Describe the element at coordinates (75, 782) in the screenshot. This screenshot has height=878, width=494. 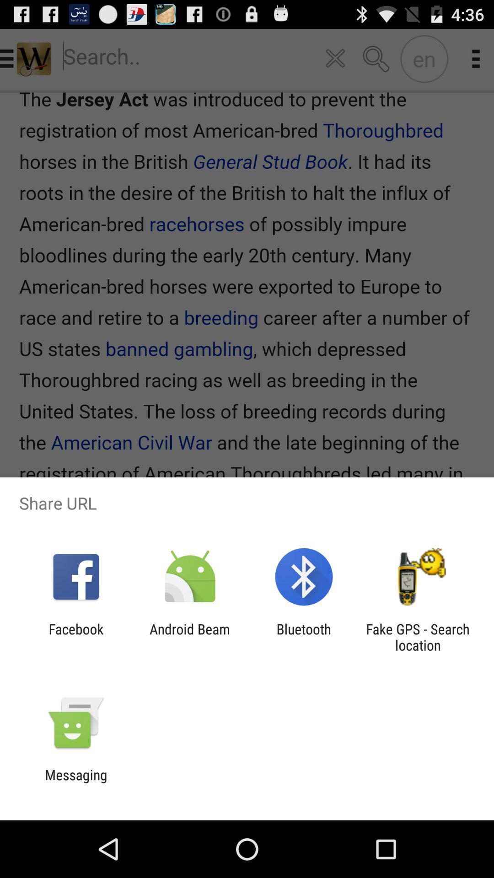
I see `the messaging item` at that location.